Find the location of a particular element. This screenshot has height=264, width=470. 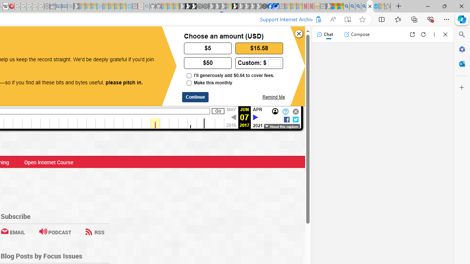

'Future Focus Report 2024 - Sleeping' is located at coordinates (205, 6).